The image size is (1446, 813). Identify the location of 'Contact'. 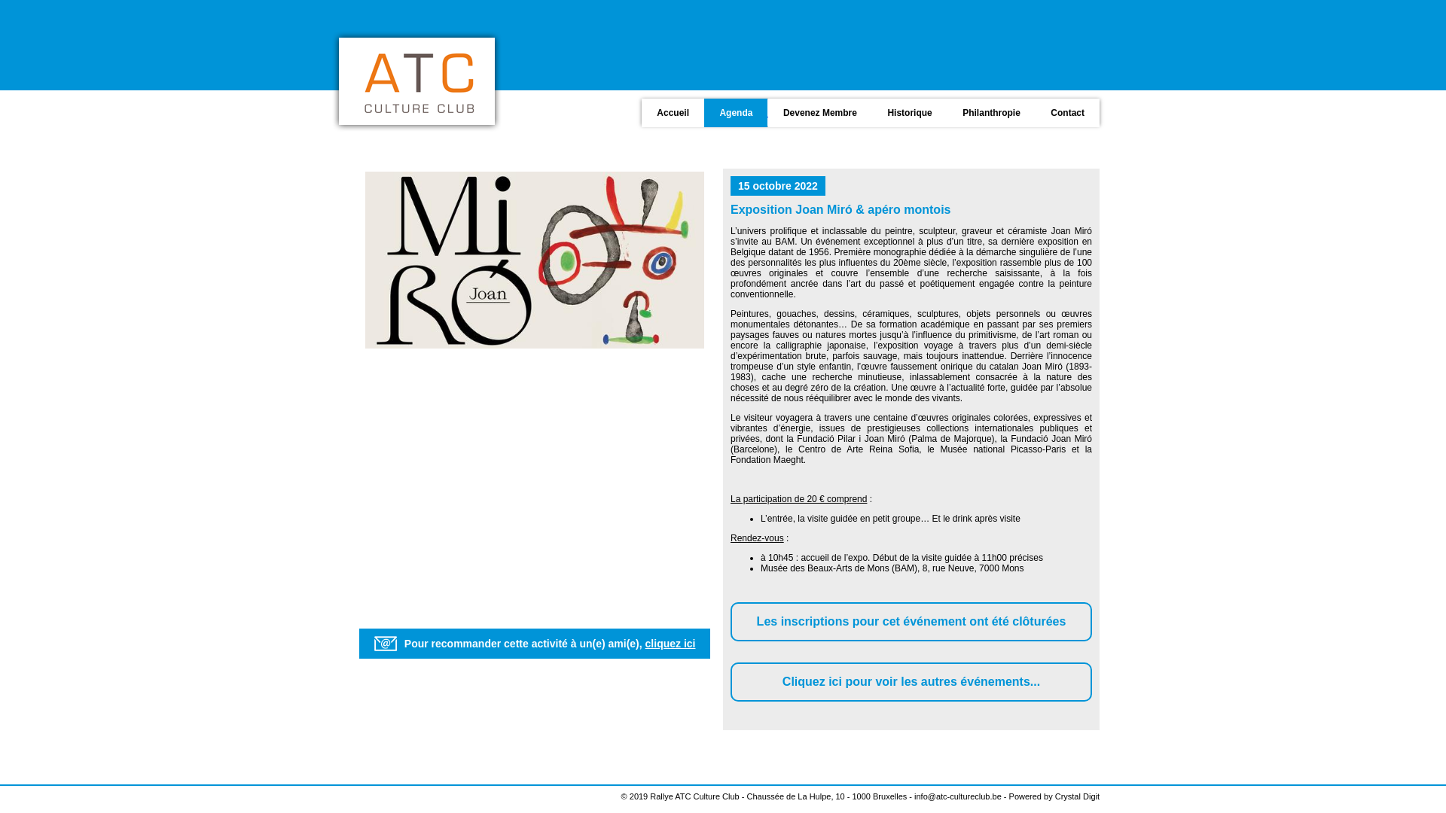
(1065, 111).